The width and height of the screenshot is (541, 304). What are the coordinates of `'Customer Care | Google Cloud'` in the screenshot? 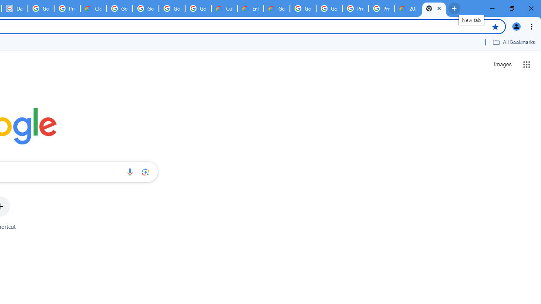 It's located at (224, 8).